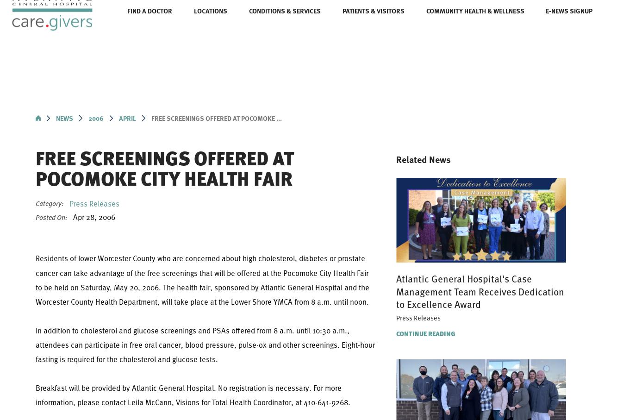 This screenshot has height=420, width=617. Describe the element at coordinates (150, 196) in the screenshot. I see `'Wound Care Center'` at that location.